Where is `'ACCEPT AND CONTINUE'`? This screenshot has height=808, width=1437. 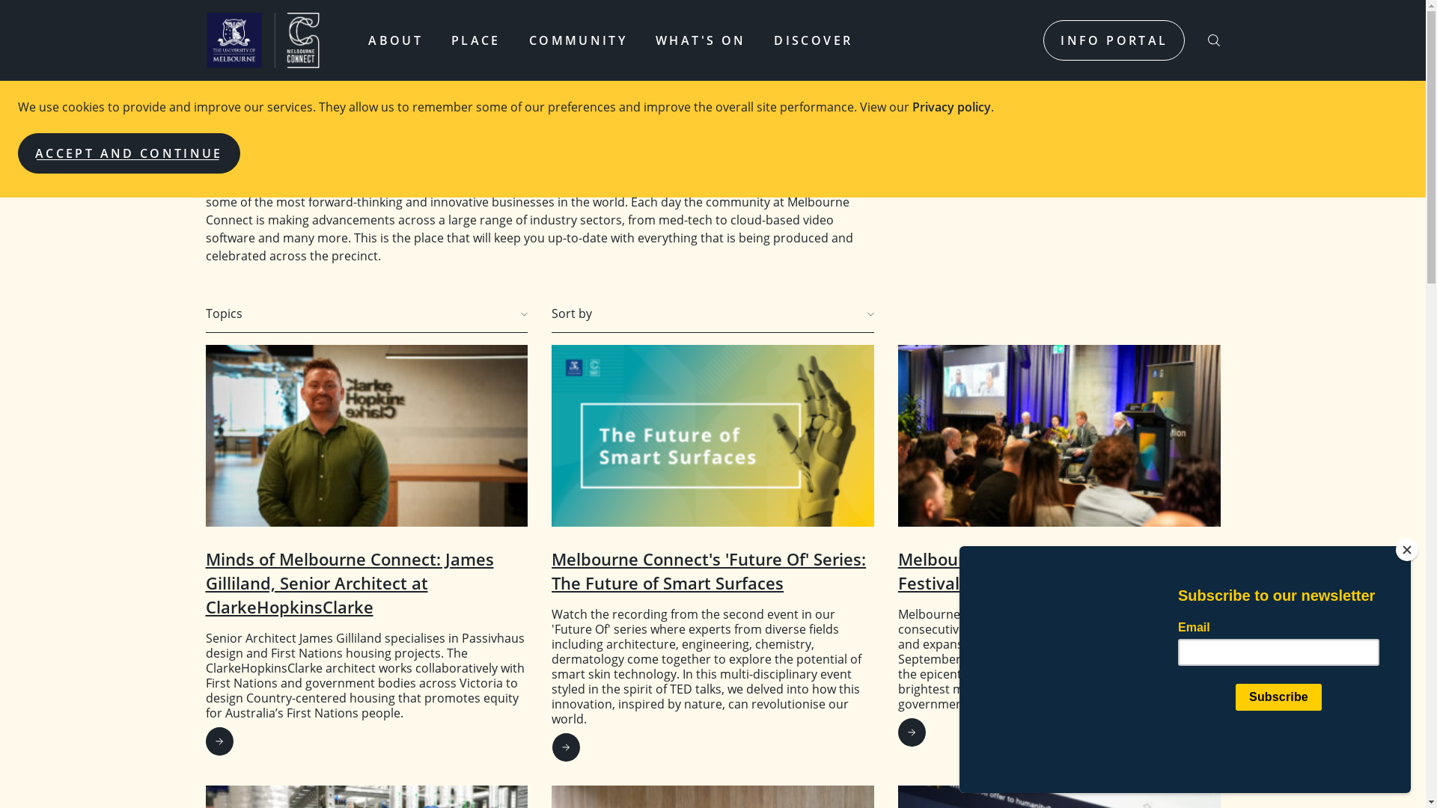
'ACCEPT AND CONTINUE' is located at coordinates (129, 153).